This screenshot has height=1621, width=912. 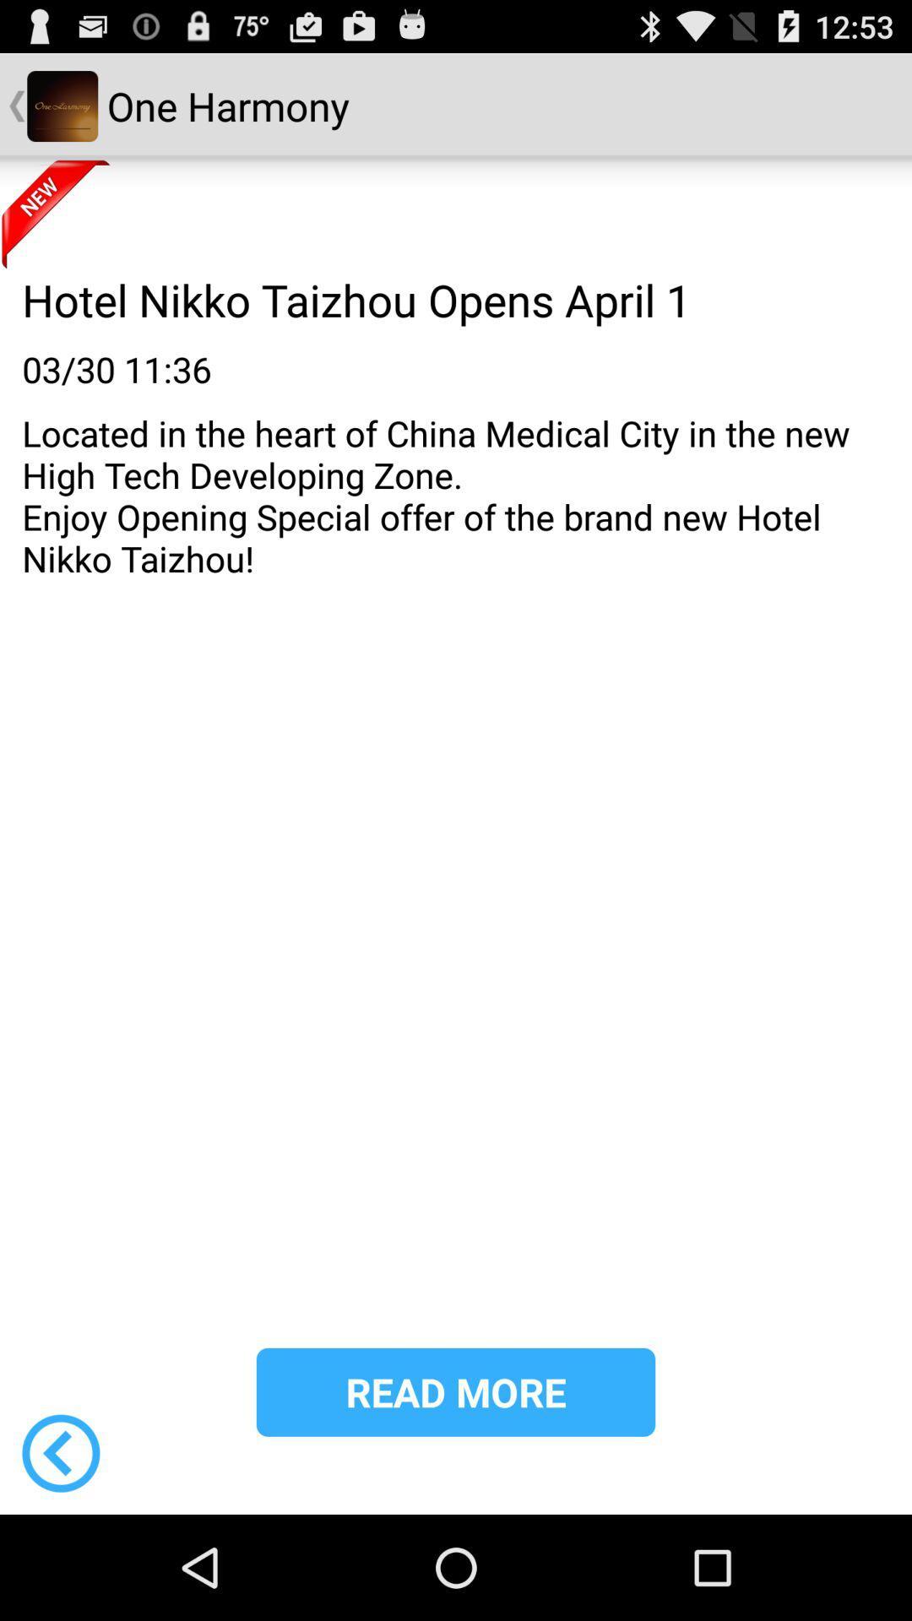 What do you see at coordinates (60, 1452) in the screenshot?
I see `icon to the left of read more` at bounding box center [60, 1452].